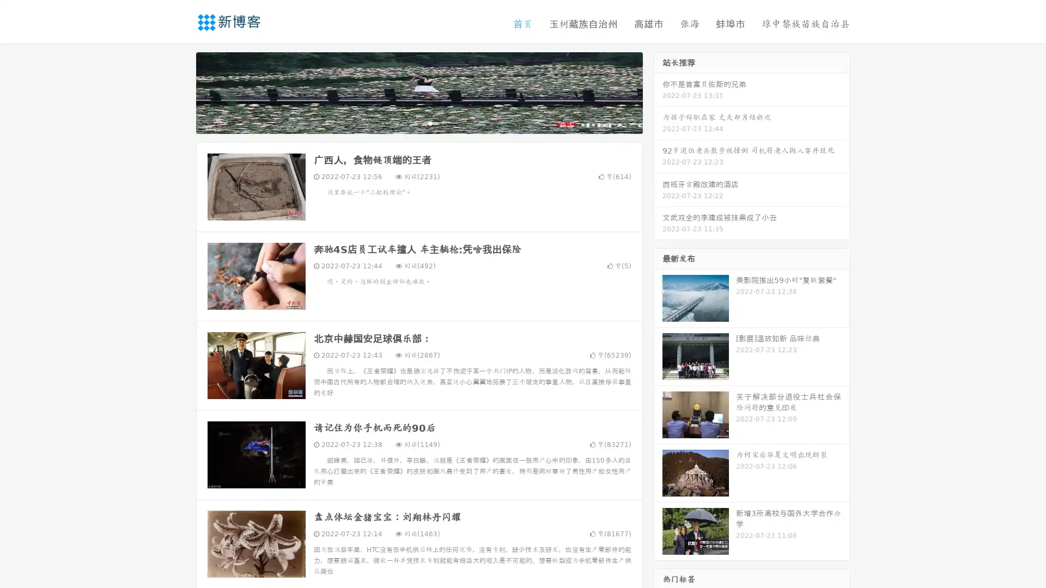  What do you see at coordinates (430, 122) in the screenshot?
I see `Go to slide 3` at bounding box center [430, 122].